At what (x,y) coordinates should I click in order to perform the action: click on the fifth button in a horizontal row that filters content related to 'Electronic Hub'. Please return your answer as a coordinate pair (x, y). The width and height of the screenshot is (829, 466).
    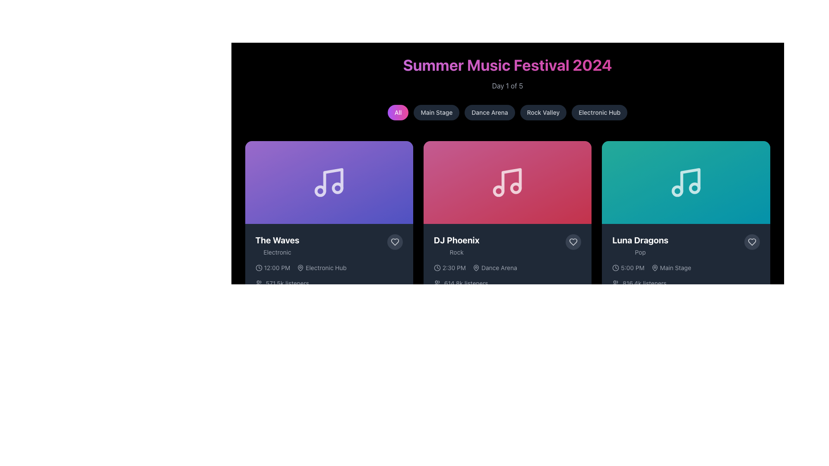
    Looking at the image, I should click on (599, 112).